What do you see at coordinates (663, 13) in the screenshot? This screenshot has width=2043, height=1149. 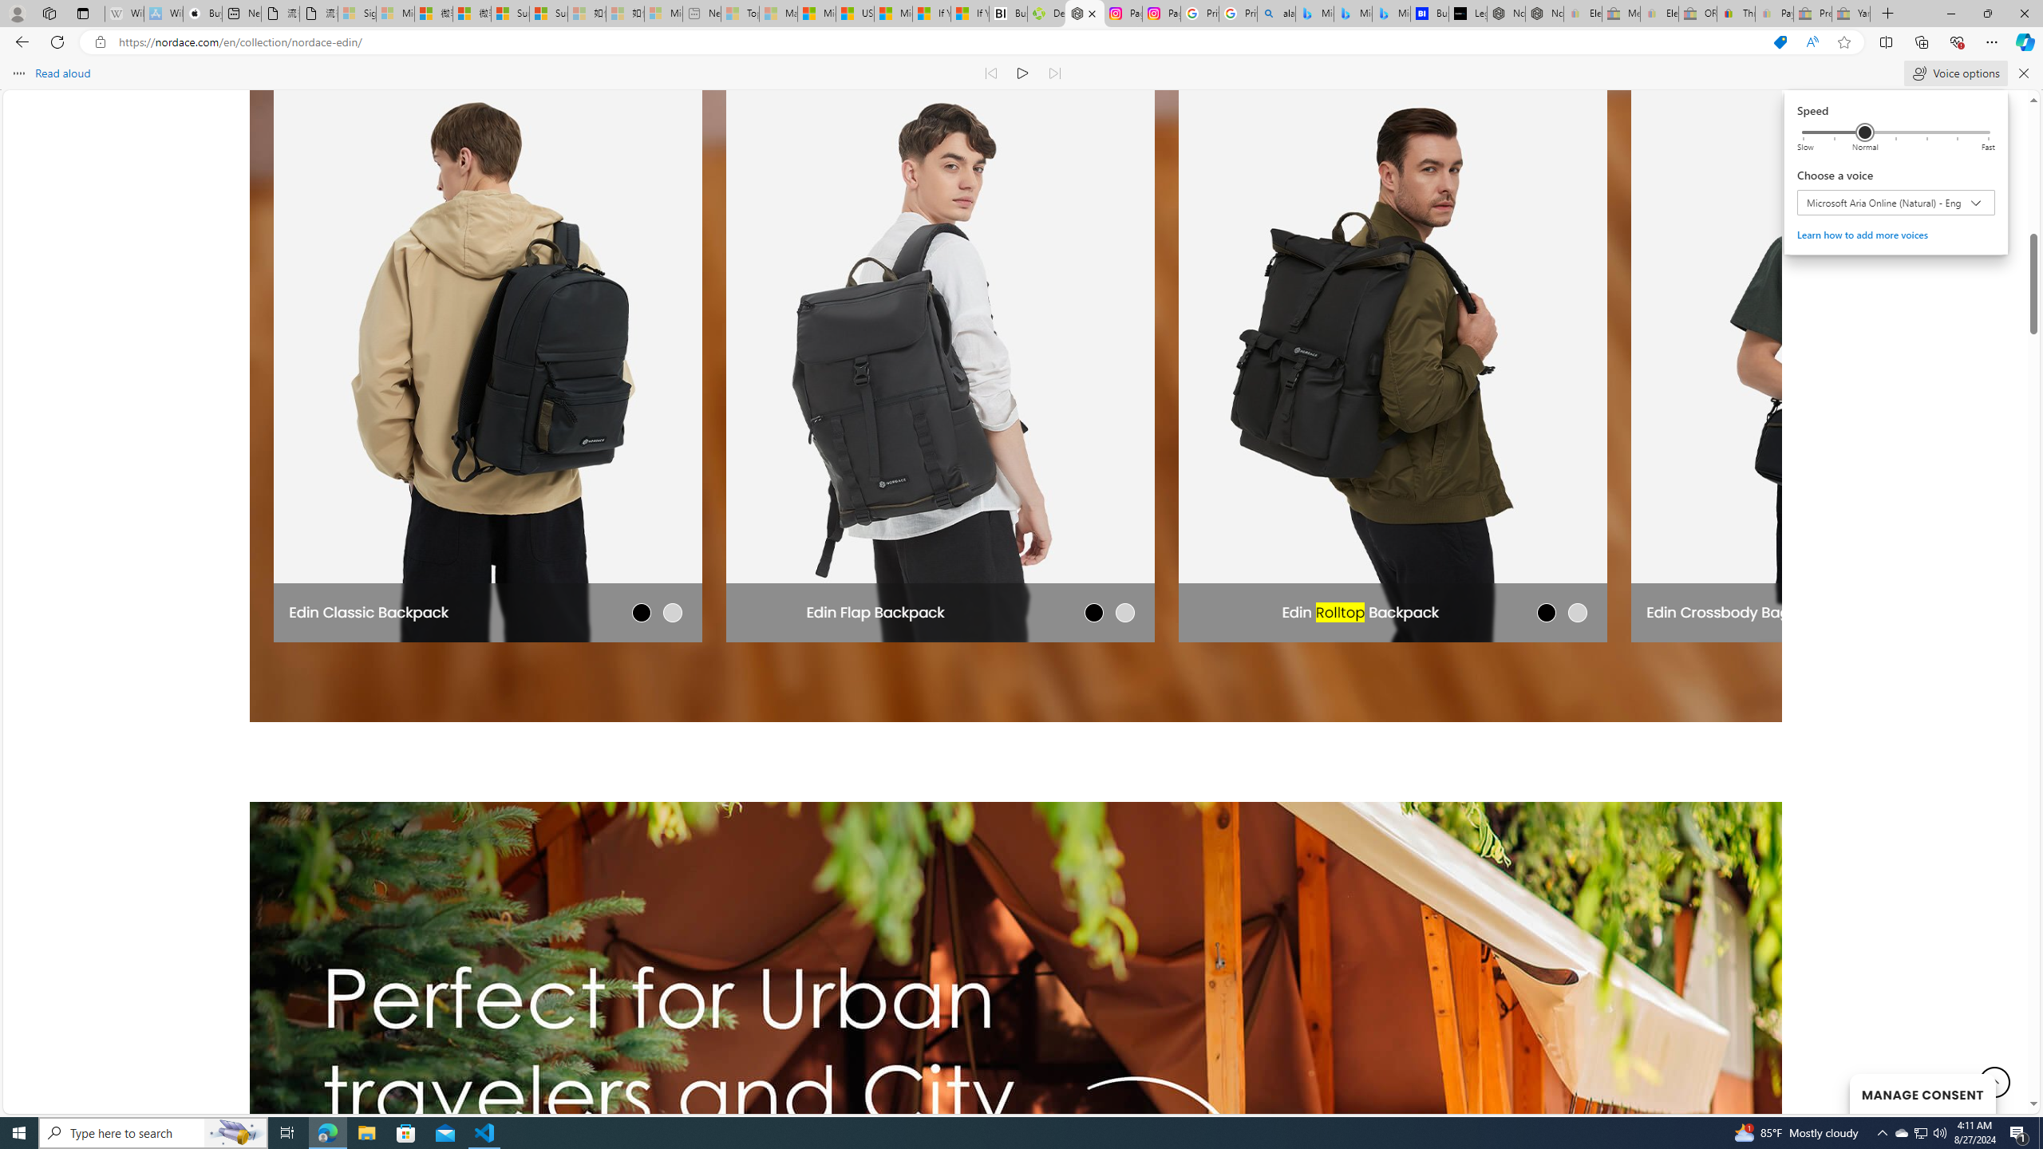 I see `'Microsoft account | Account Checkup - Sleeping'` at bounding box center [663, 13].